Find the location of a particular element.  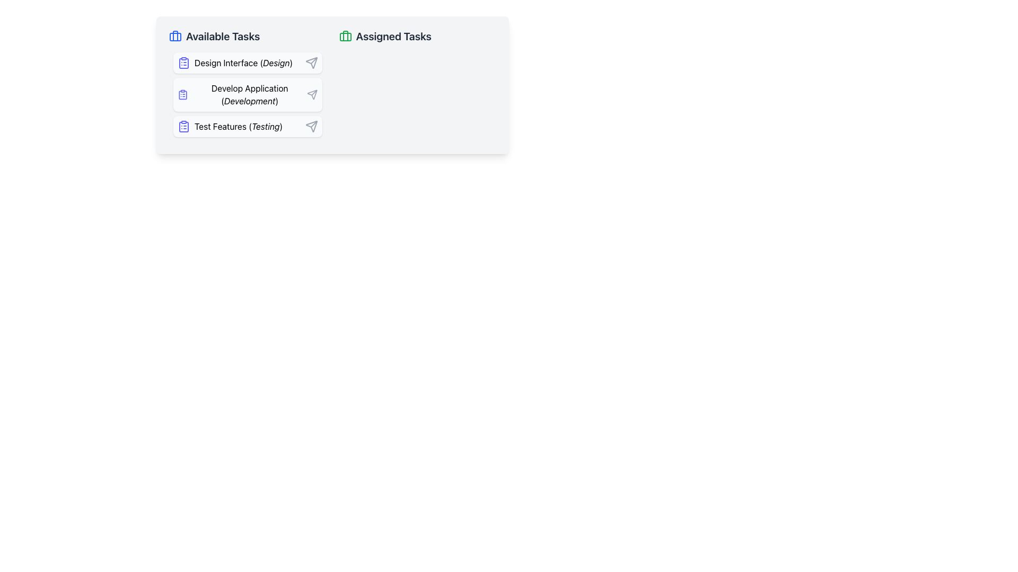

the text label 'Design Interface (Design)' which is the first entry in the 'Available Tasks' section is located at coordinates (243, 63).